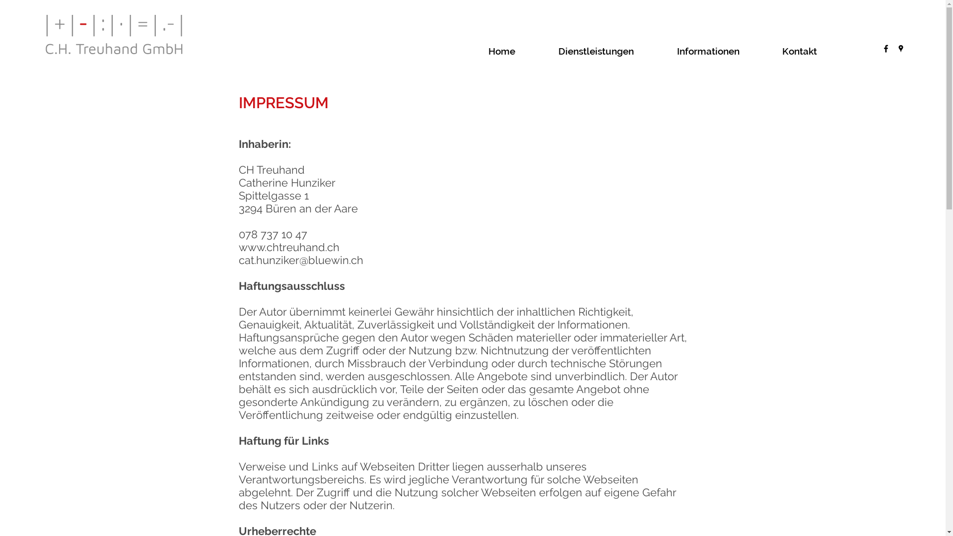 The width and height of the screenshot is (953, 536). I want to click on 'Dienstleistungen', so click(612, 51).